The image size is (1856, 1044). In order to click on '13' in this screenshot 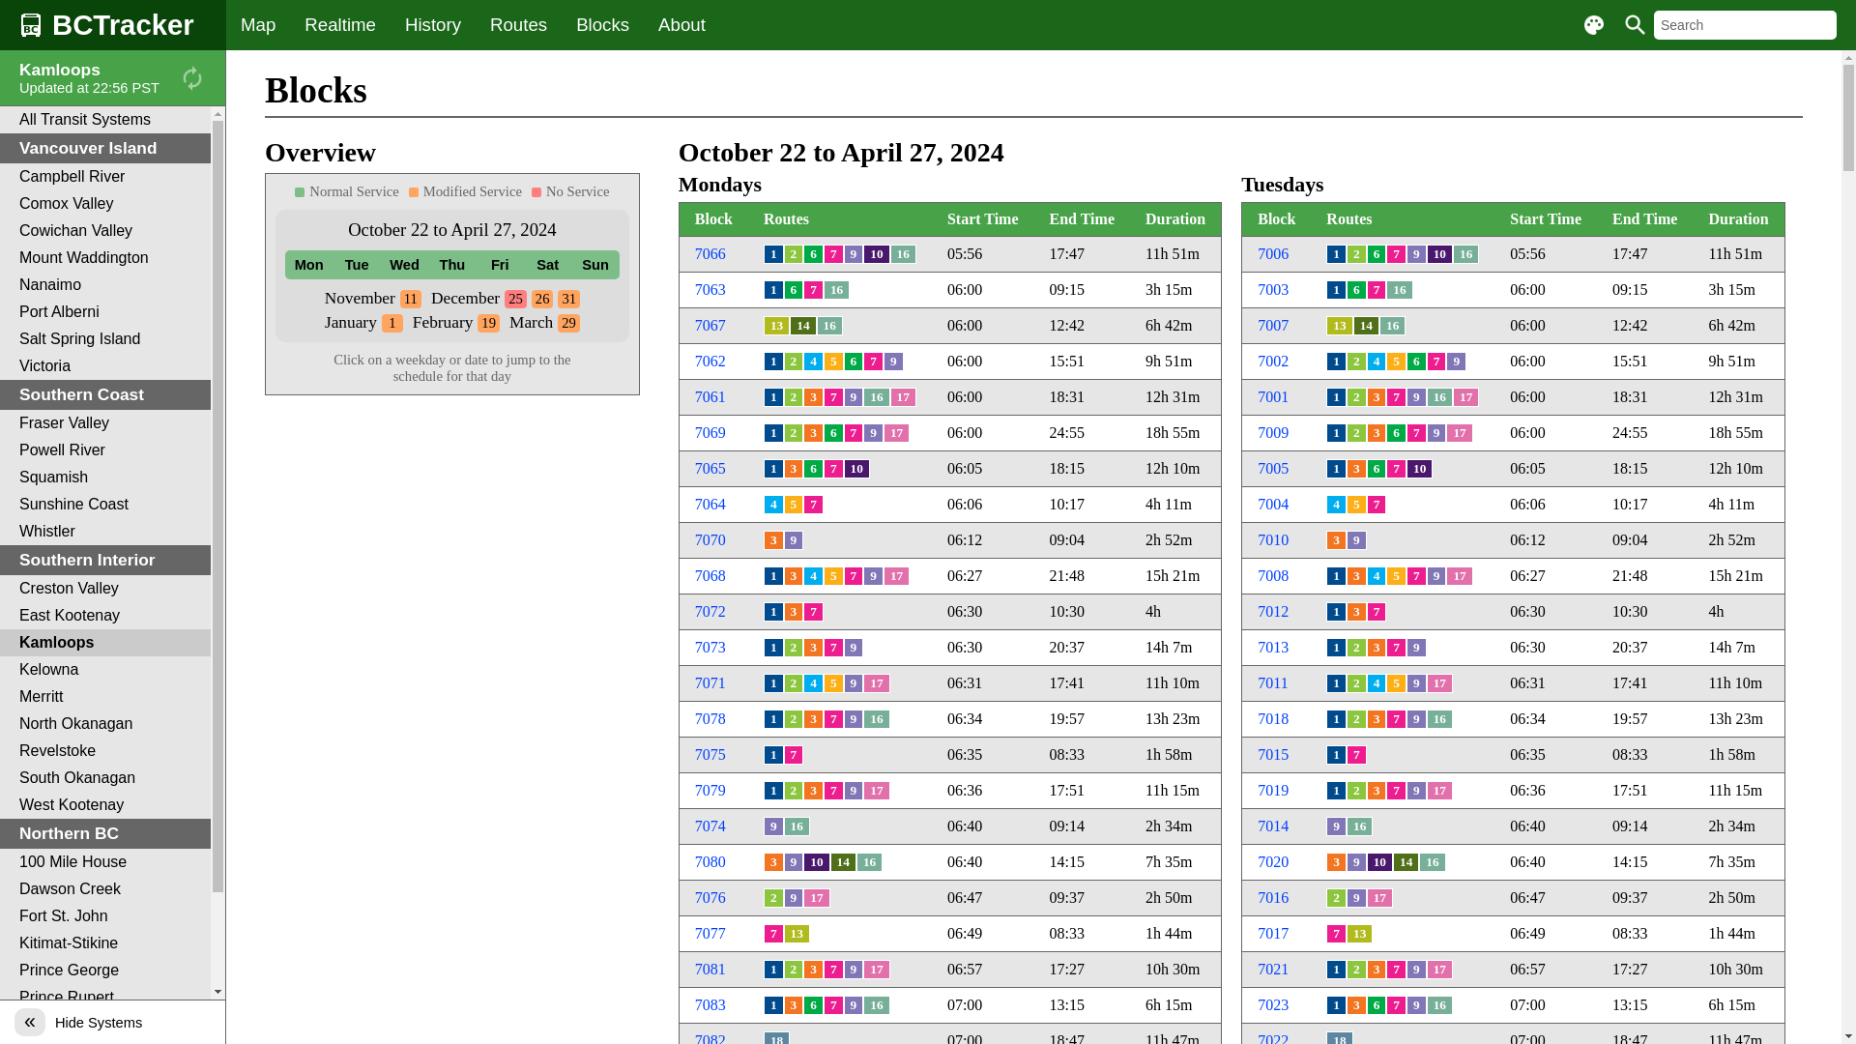, I will do `click(1358, 932)`.